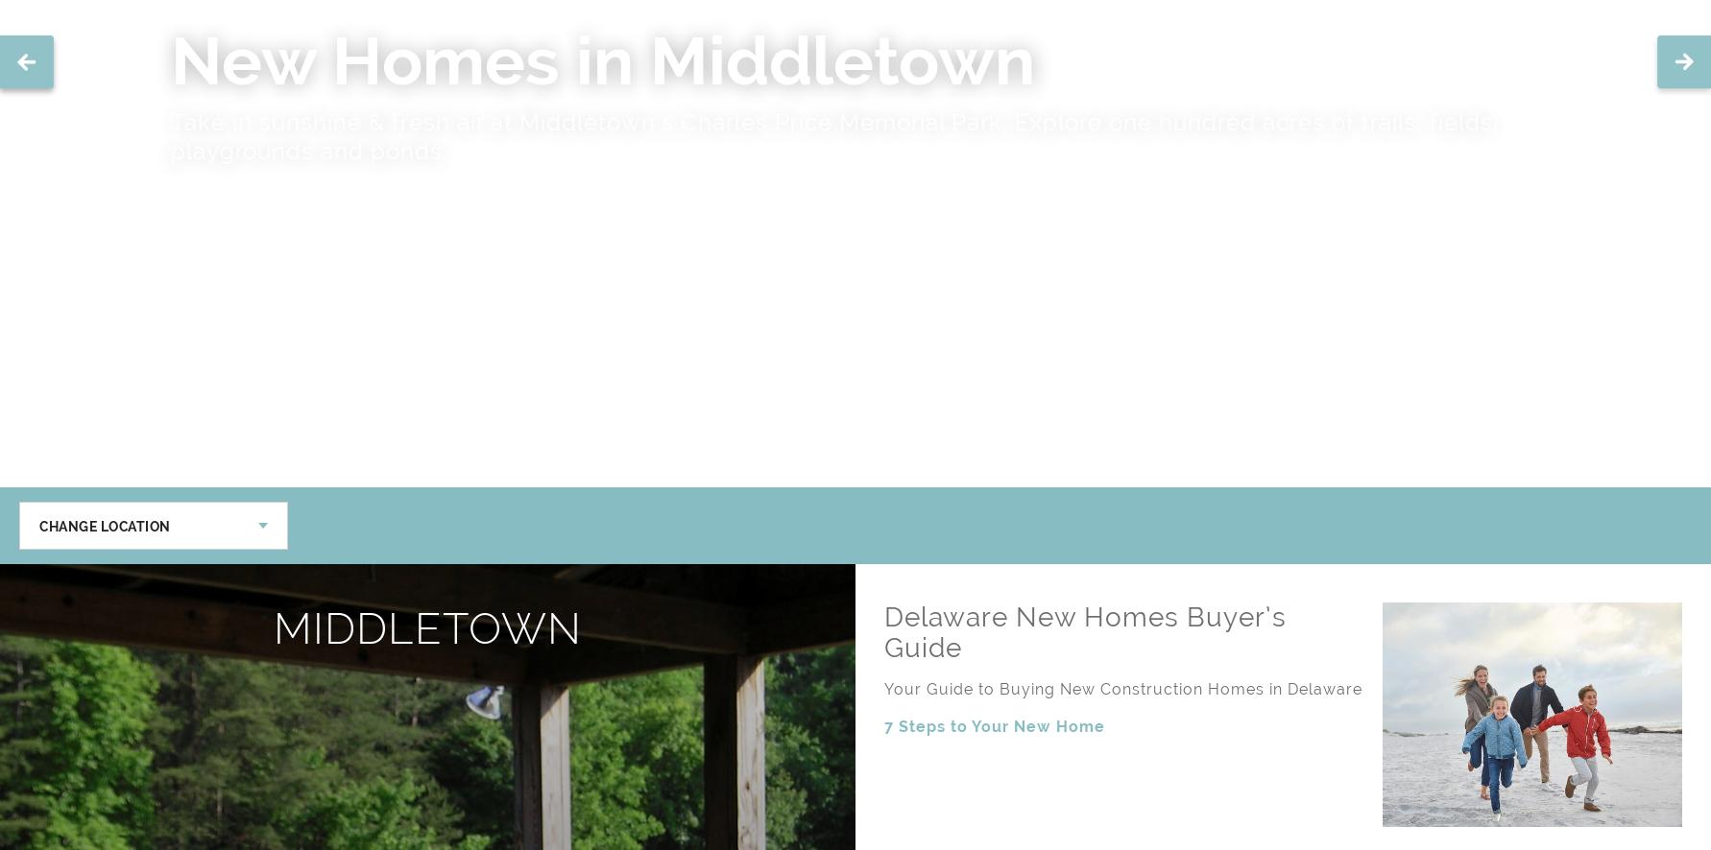  Describe the element at coordinates (1576, 448) in the screenshot. I see `'Furry Friend'` at that location.